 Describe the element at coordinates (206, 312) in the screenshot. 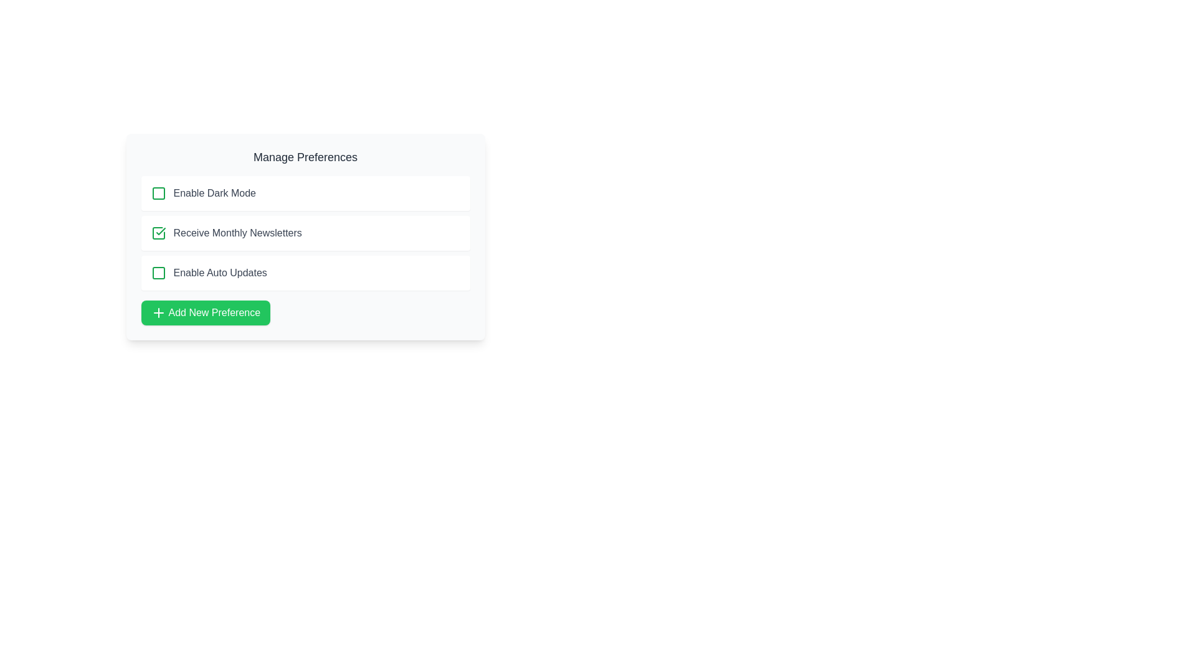

I see `the button that allows users` at that location.